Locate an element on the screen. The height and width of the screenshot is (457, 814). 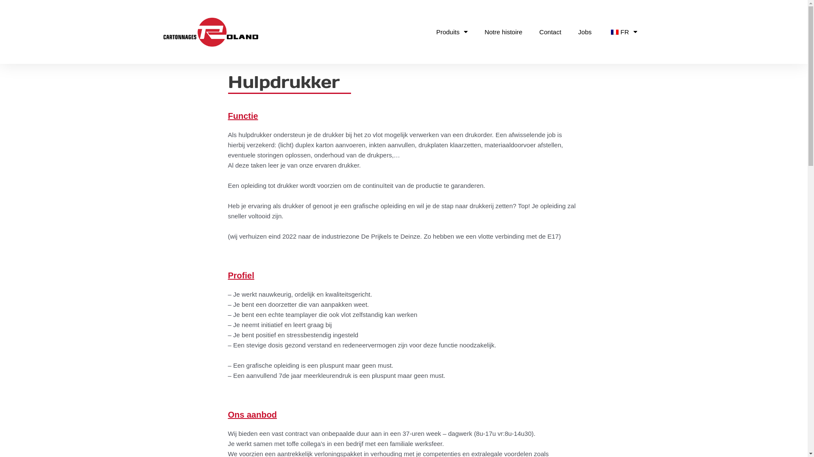
'Contact' is located at coordinates (550, 32).